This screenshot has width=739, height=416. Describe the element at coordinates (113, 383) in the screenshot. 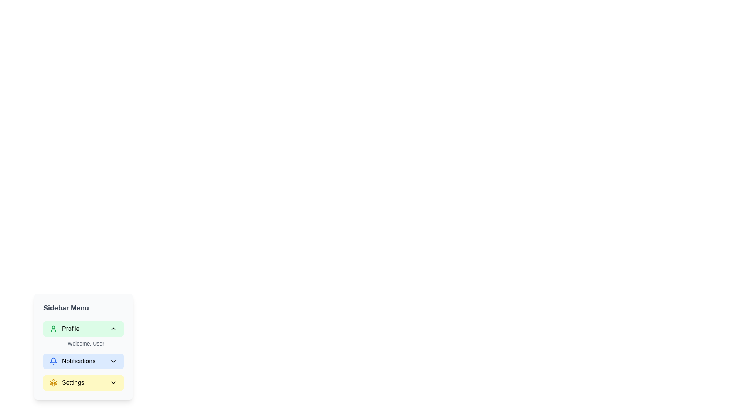

I see `the Dropdown indicator icon in the Settings section of the sidebar menu` at that location.